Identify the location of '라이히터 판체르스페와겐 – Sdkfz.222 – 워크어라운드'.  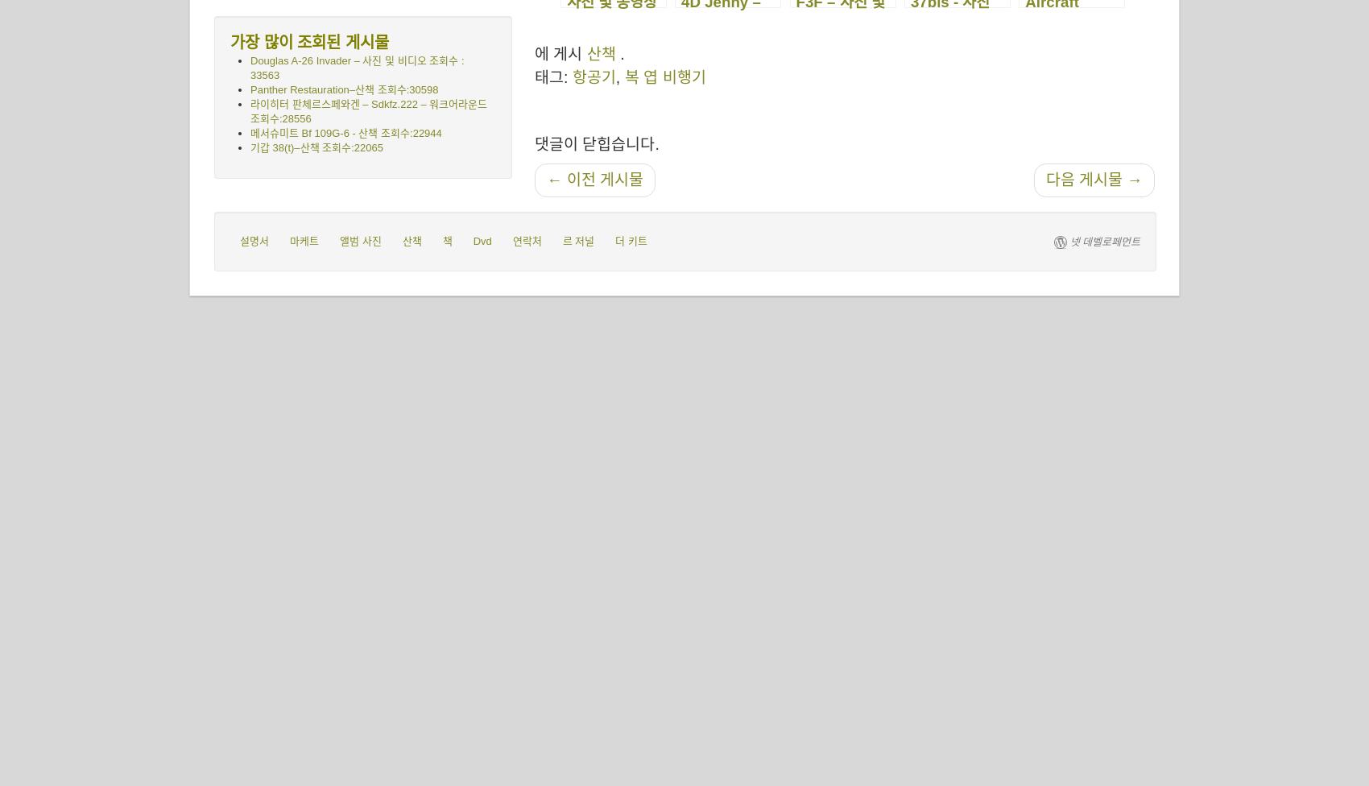
(368, 103).